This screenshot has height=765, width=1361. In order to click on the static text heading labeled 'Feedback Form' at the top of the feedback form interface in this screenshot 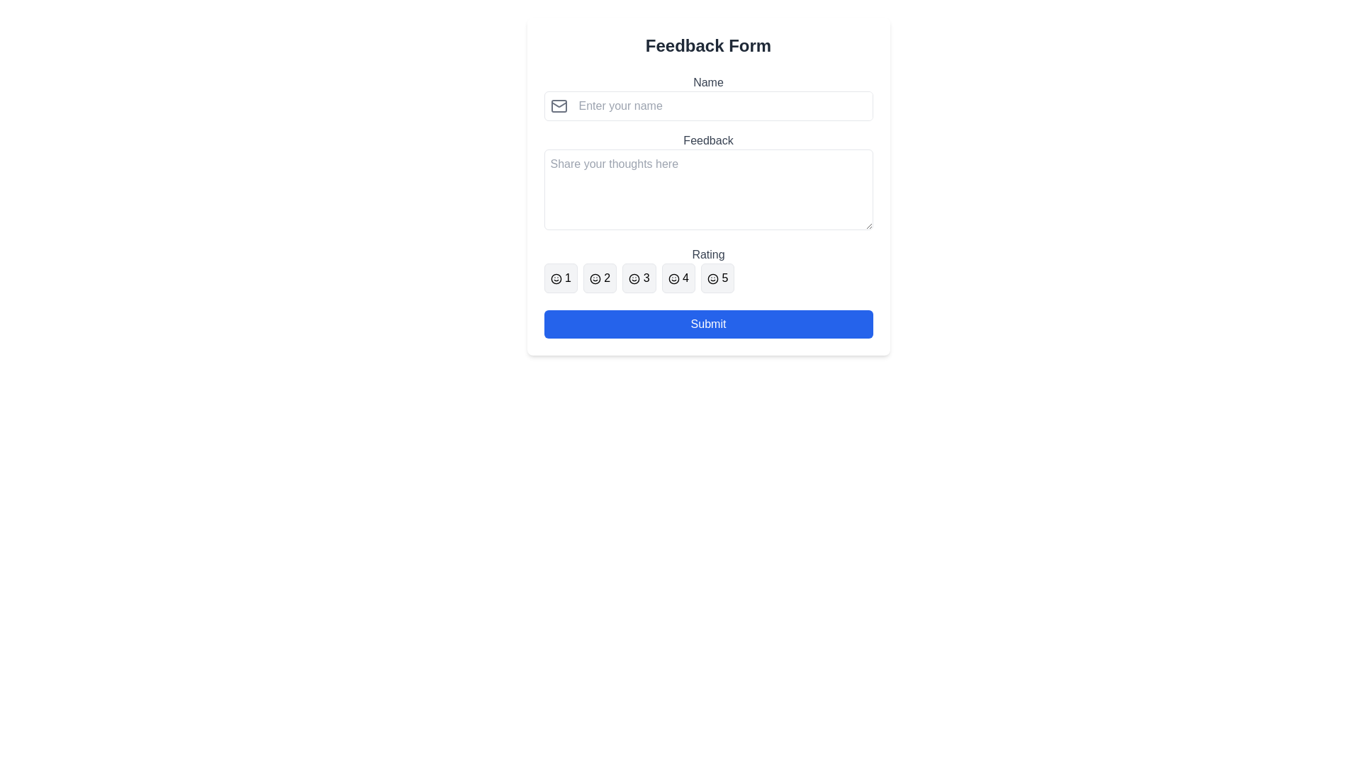, I will do `click(708, 45)`.